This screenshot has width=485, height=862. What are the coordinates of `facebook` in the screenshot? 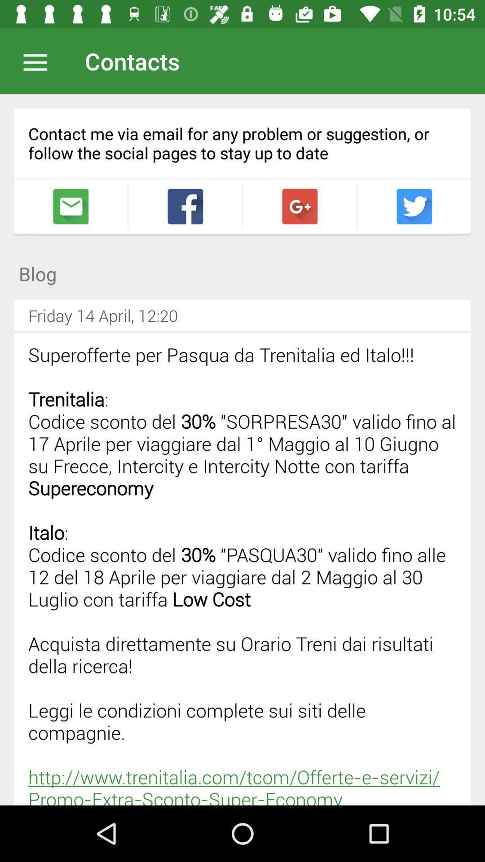 It's located at (185, 206).